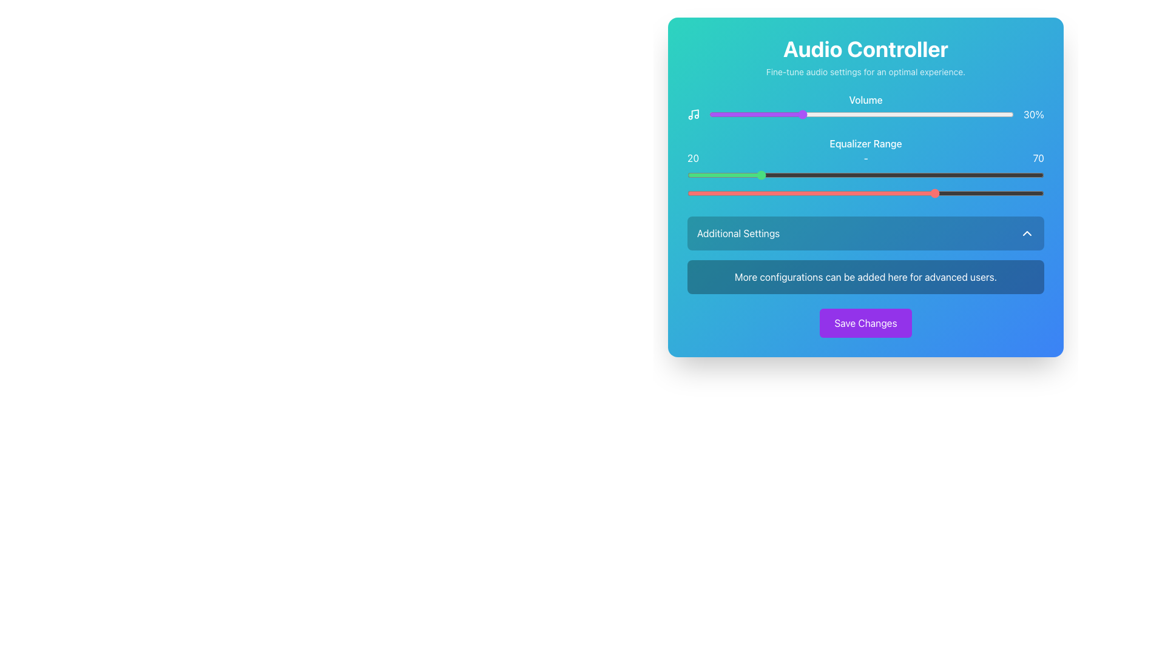  Describe the element at coordinates (964, 115) in the screenshot. I see `the slider` at that location.